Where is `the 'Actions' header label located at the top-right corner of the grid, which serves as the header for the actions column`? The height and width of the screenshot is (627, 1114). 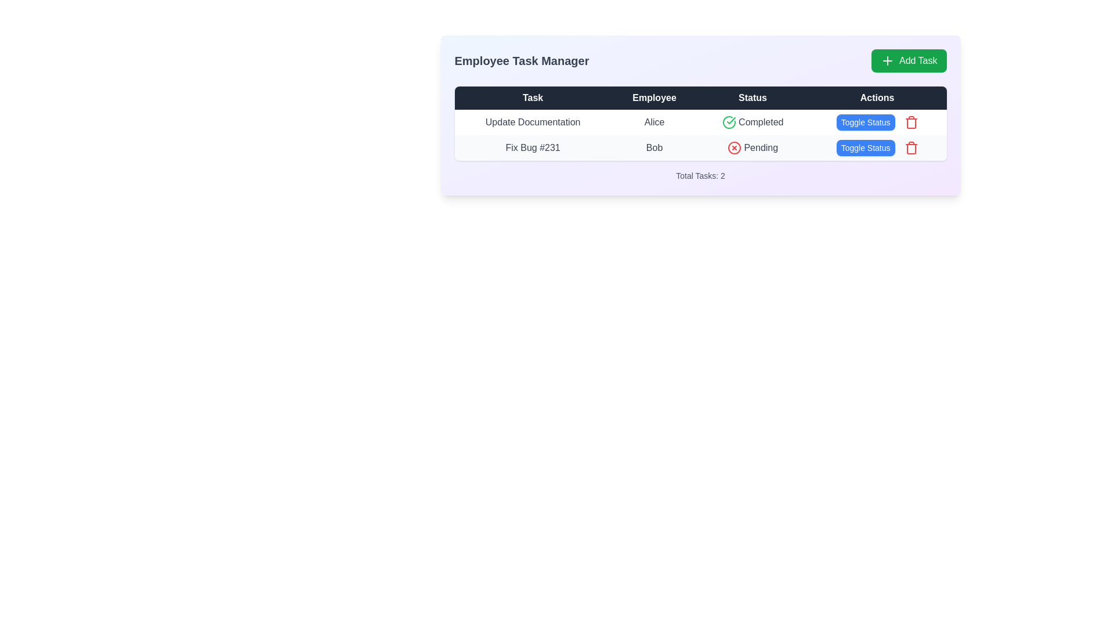
the 'Actions' header label located at the top-right corner of the grid, which serves as the header for the actions column is located at coordinates (877, 98).